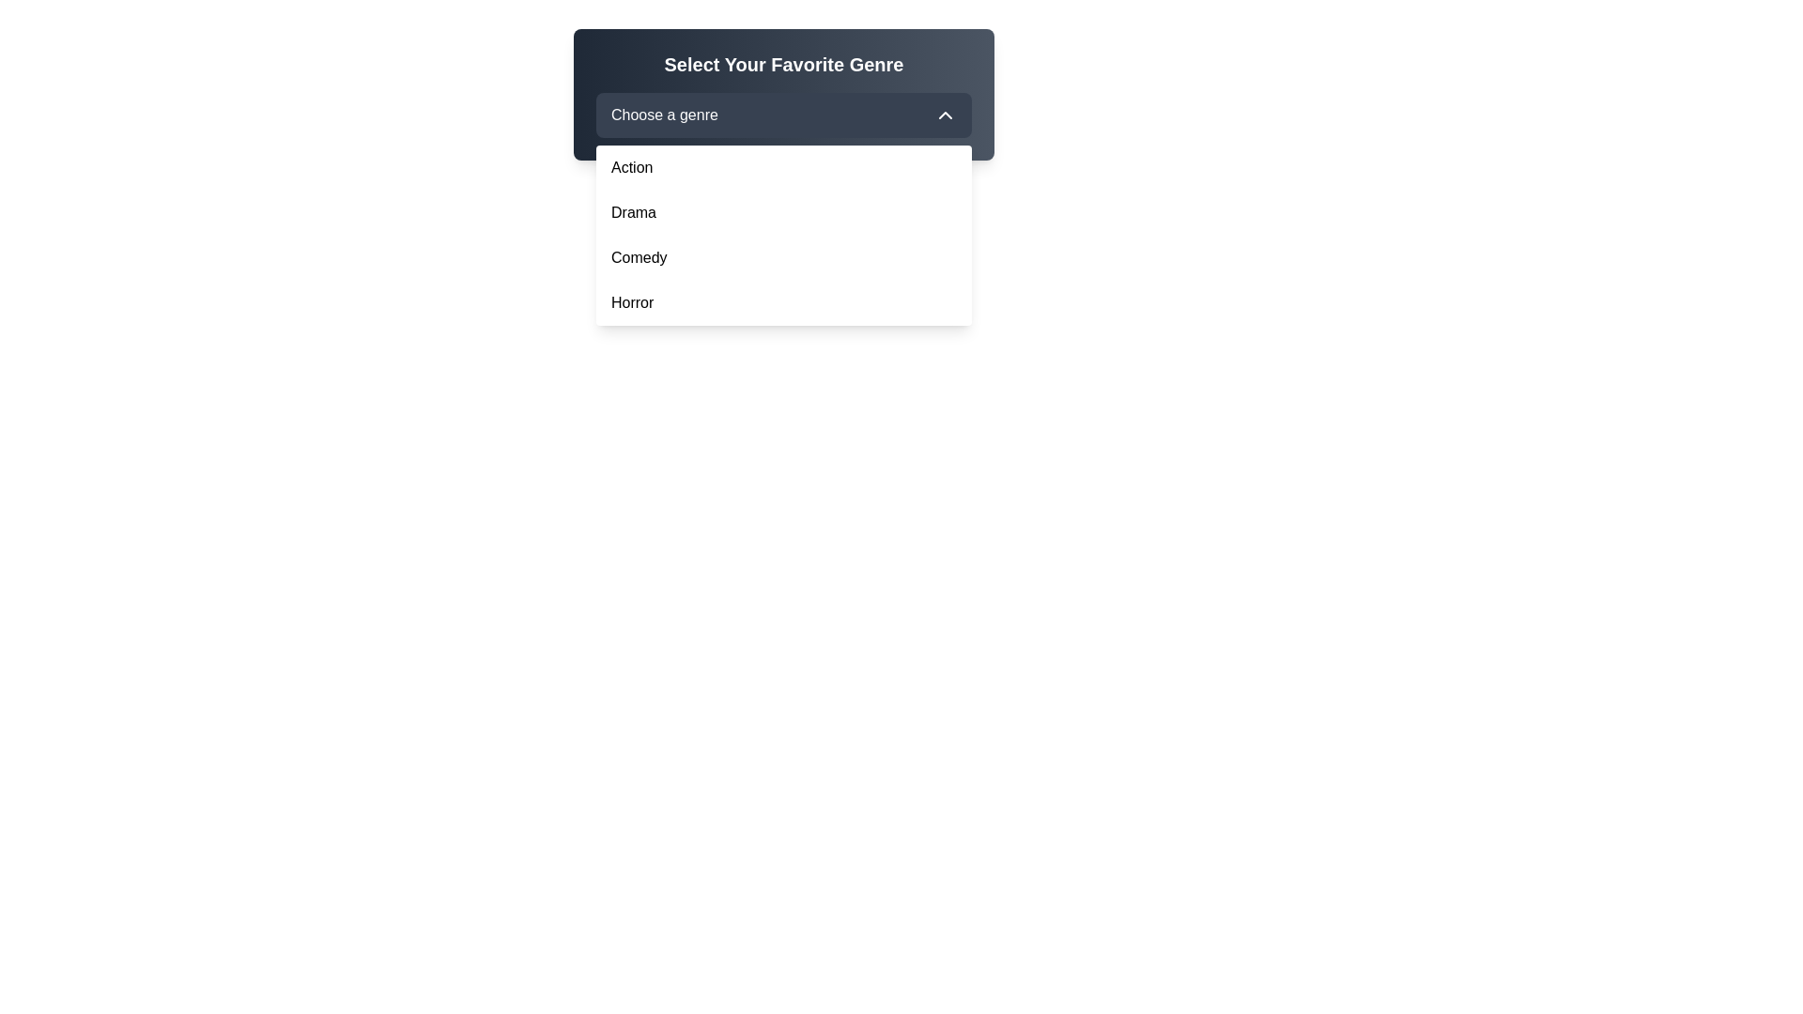  Describe the element at coordinates (784, 94) in the screenshot. I see `the dropdown menu titled 'Select Your Favorite Genre'` at that location.